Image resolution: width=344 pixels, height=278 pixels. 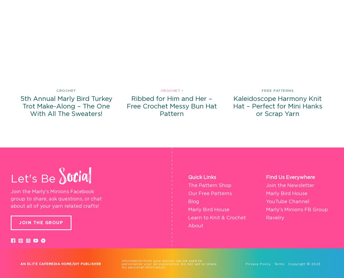 I want to click on 'AN ELITE CAFEMEDIA HOME/DIY PUBLISHER', so click(x=61, y=263).